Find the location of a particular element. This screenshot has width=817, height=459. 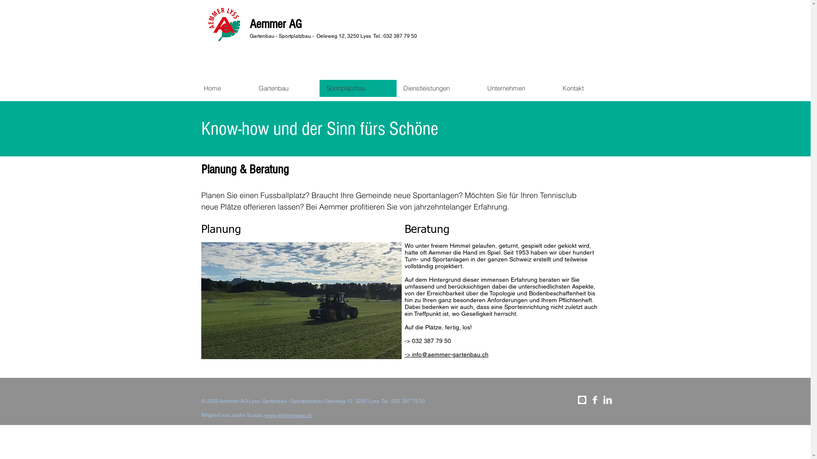

'-> info@aemmer-gartenbau.ch' is located at coordinates (446, 354).